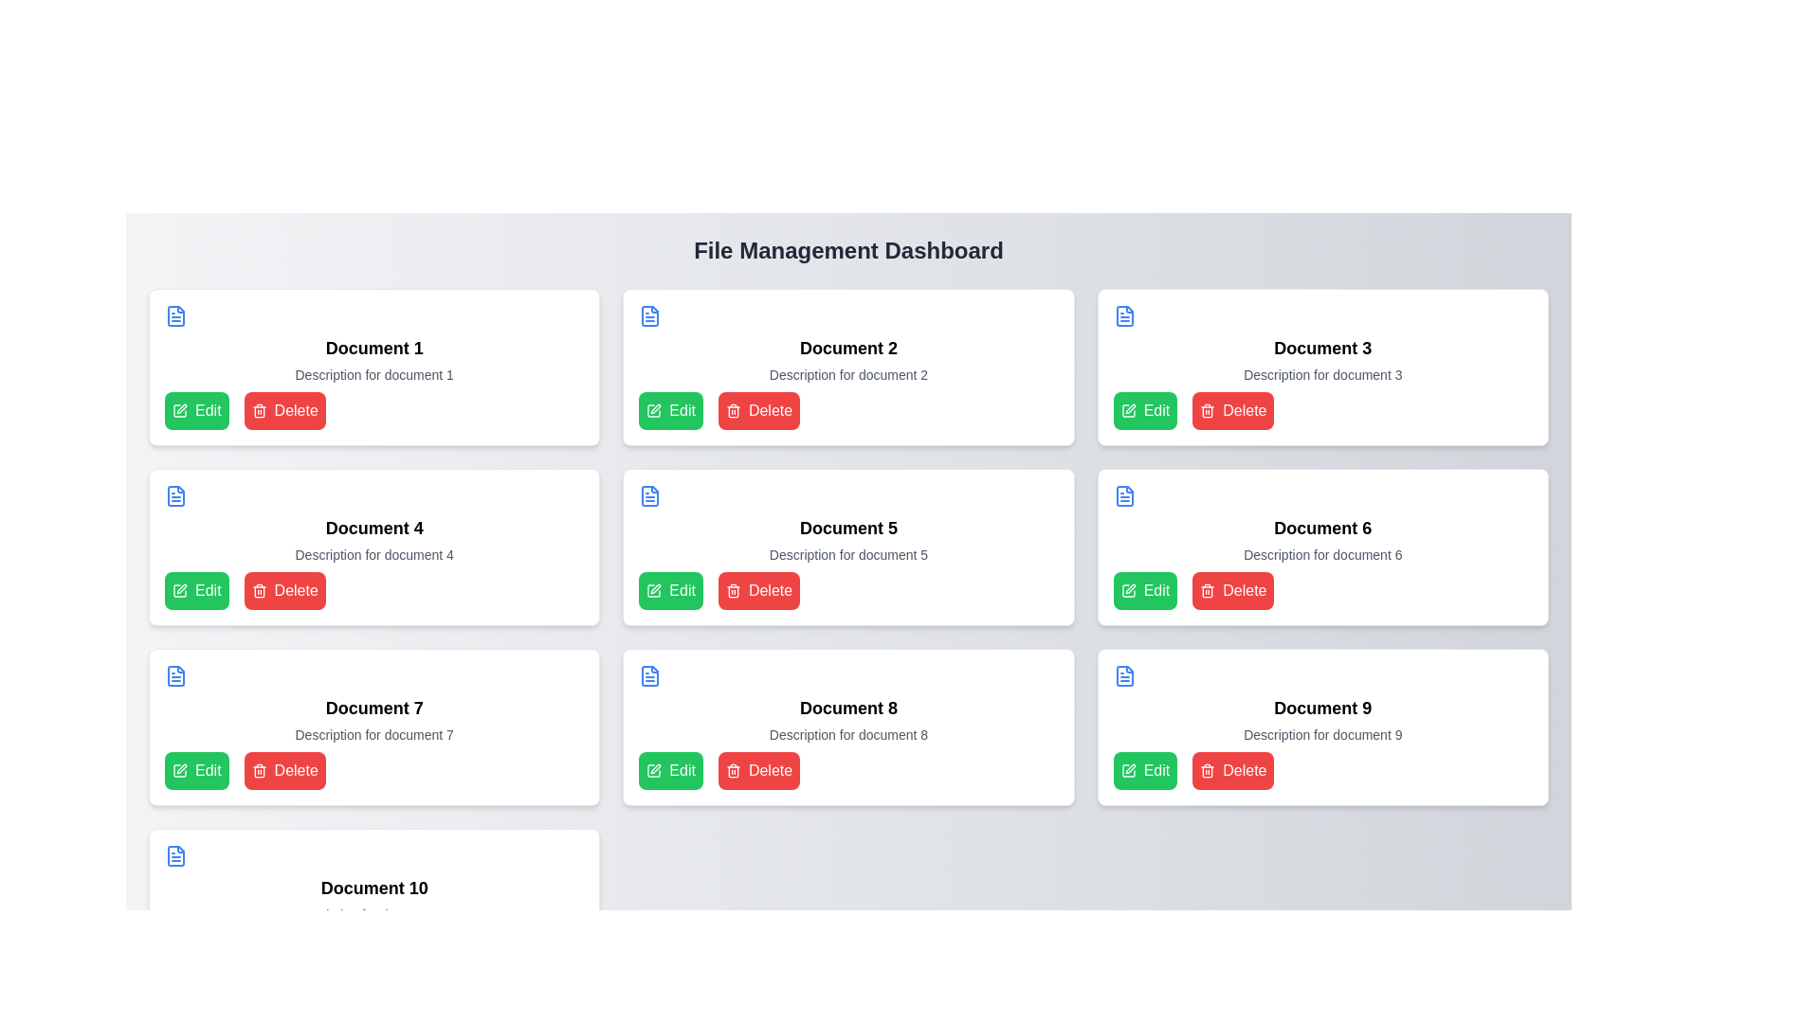 The width and height of the screenshot is (1820, 1023). I want to click on the green square icon depicting a pen that is located to the left of the 'Edit' text within the green button in the first row of the grid, so click(654, 410).